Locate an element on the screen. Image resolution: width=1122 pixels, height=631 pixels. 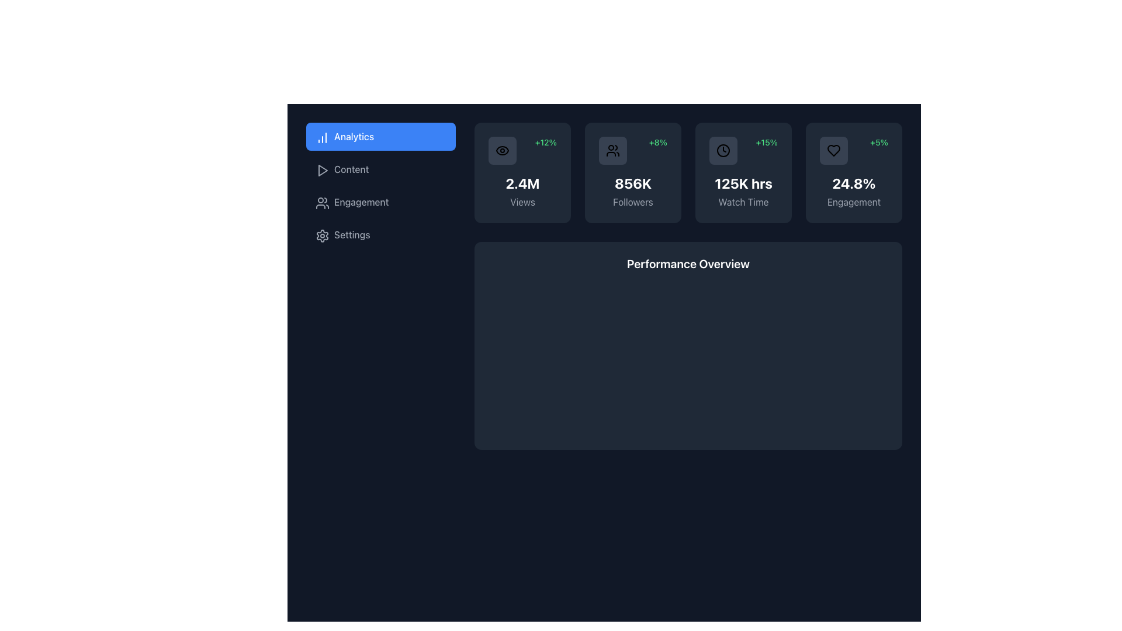
the heart icon located in the top-right corner of the 'Engagement' card, which is the fourth card in the layout, to the right of the 'Watch Time' card is located at coordinates (833, 150).